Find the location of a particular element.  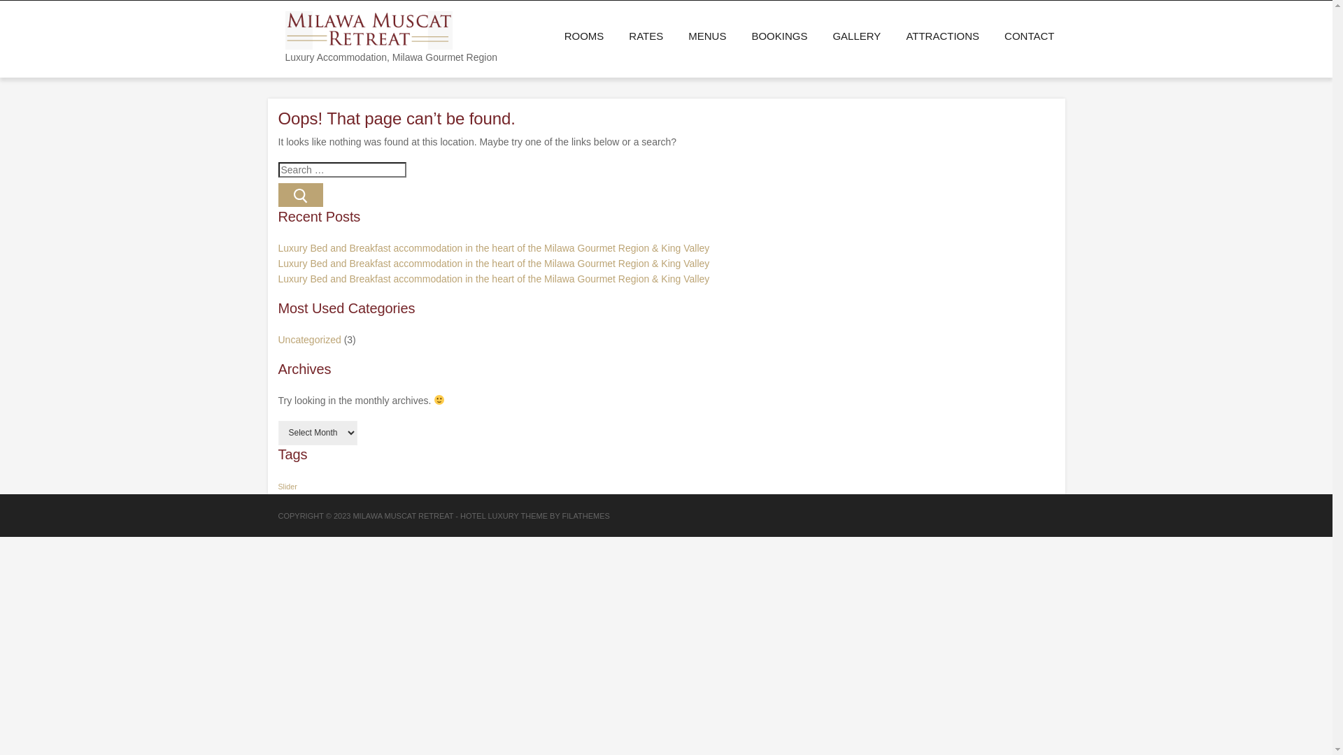

'ROOMS' is located at coordinates (584, 35).